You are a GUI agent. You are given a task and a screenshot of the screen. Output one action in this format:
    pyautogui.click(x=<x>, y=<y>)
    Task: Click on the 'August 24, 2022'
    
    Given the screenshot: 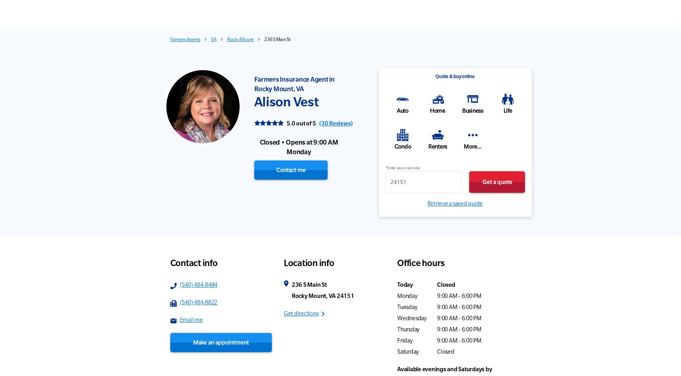 What is the action you would take?
    pyautogui.click(x=625, y=256)
    